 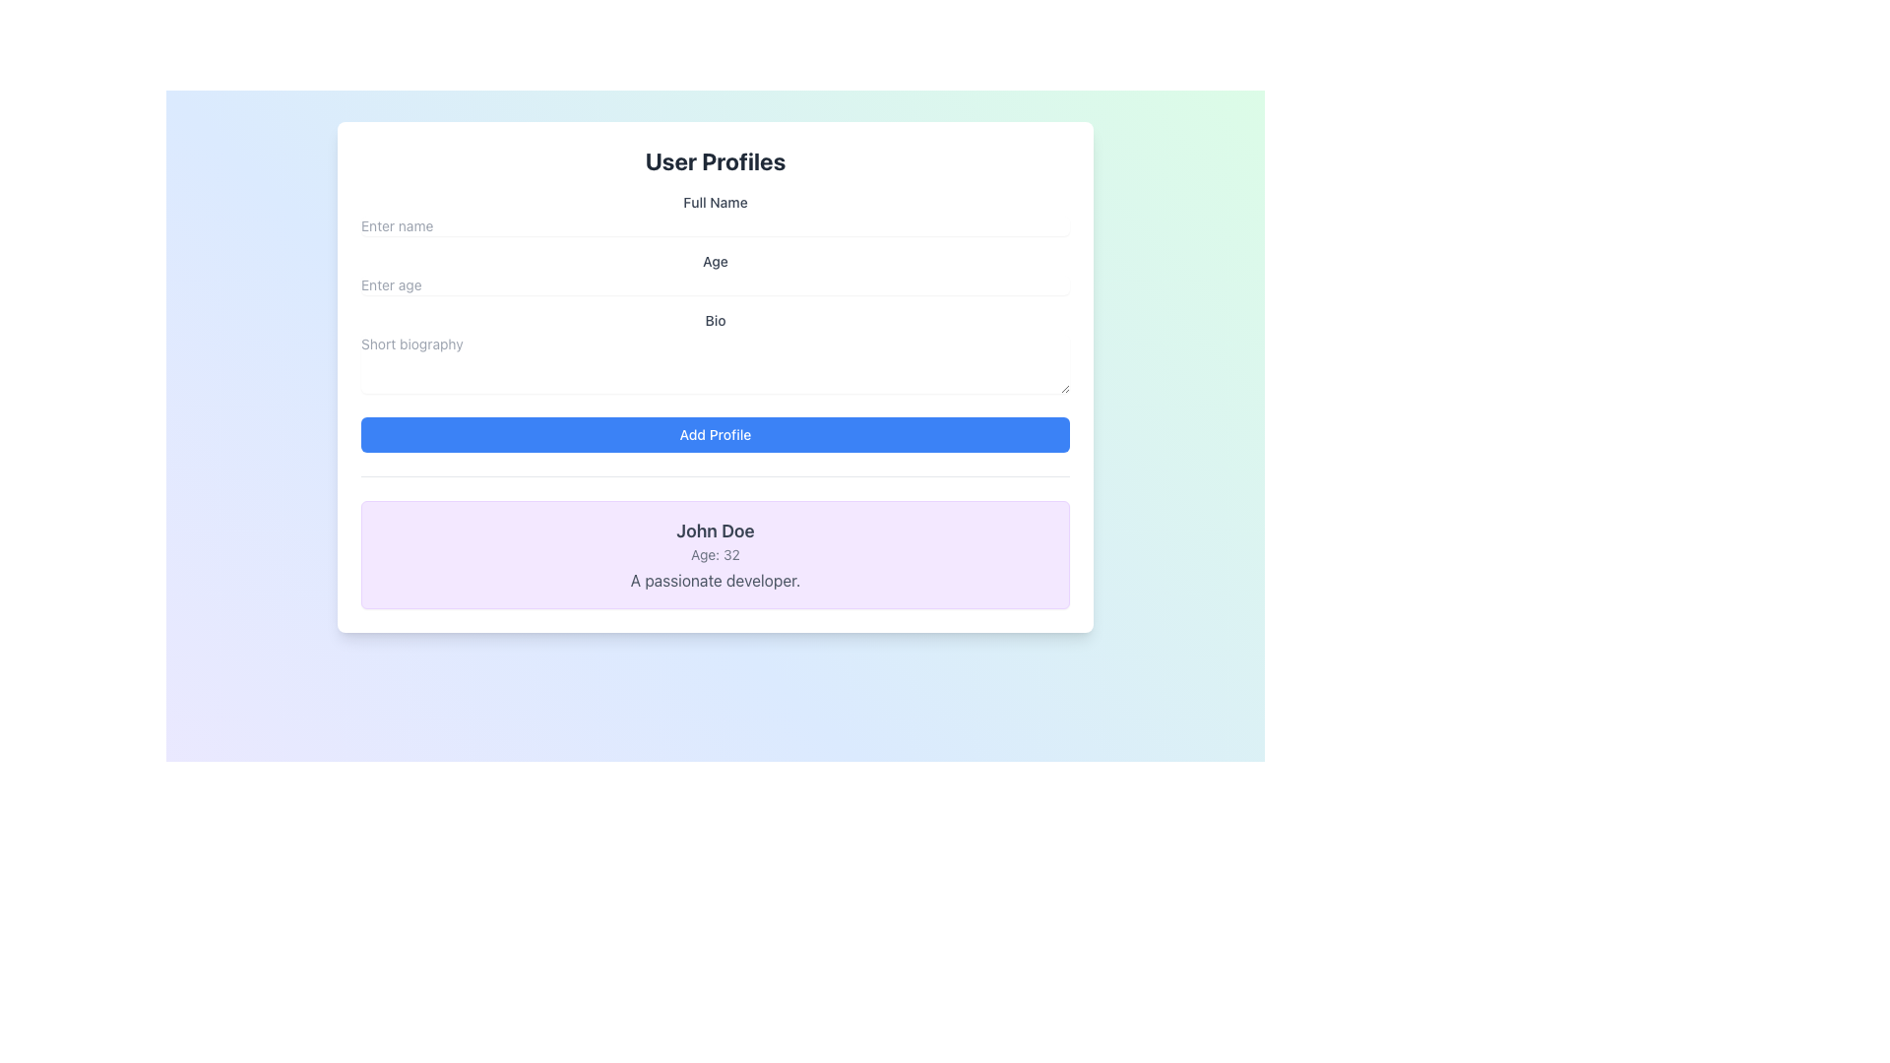 What do you see at coordinates (714, 554) in the screenshot?
I see `the Information Card displaying 'John Doe', which is the last component in the 'User Profiles' section, styled with a light purple background and rounded borders` at bounding box center [714, 554].